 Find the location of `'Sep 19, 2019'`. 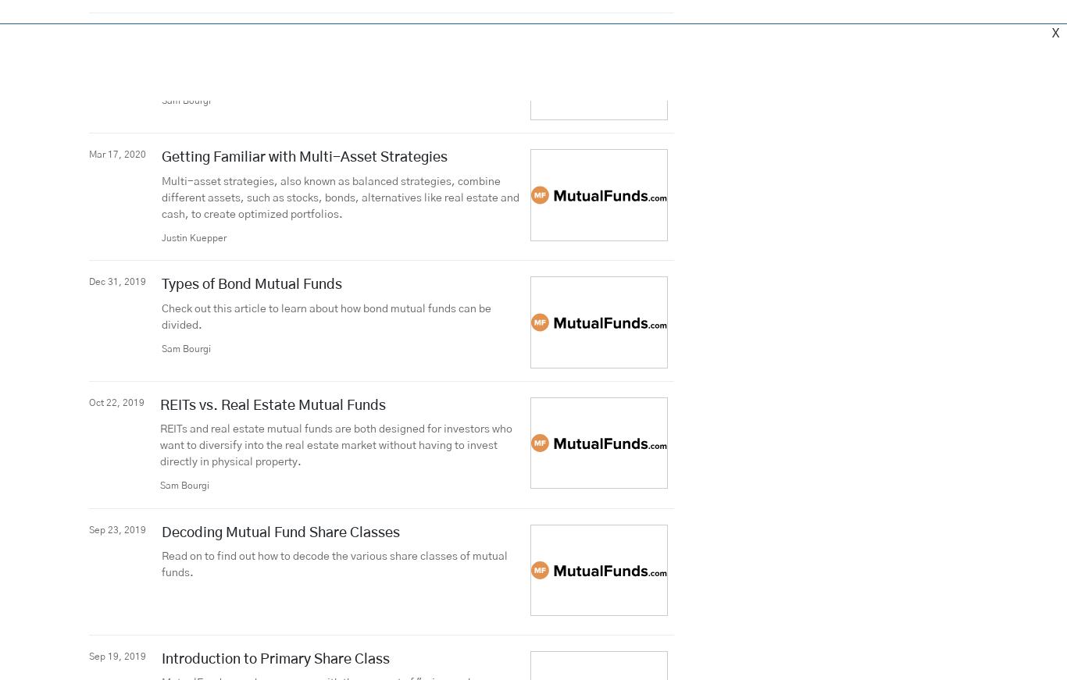

'Sep 19, 2019' is located at coordinates (116, 655).